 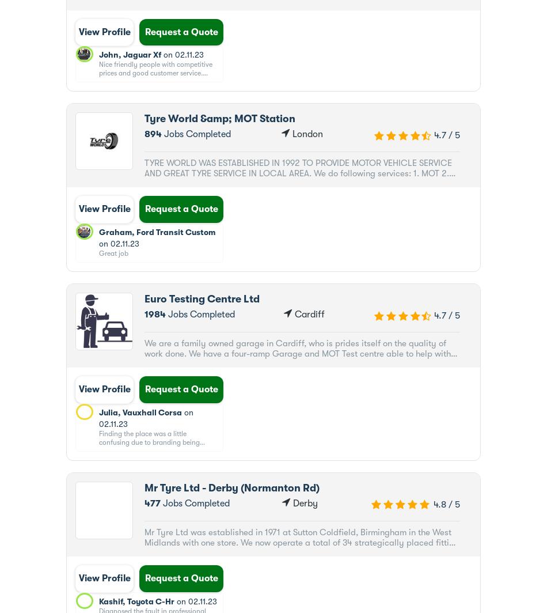 What do you see at coordinates (157, 451) in the screenshot?
I see `'Finding the place was a little confusing due to branding being different on here than the centre itself, but the work was performed quickly, and Lucia'` at bounding box center [157, 451].